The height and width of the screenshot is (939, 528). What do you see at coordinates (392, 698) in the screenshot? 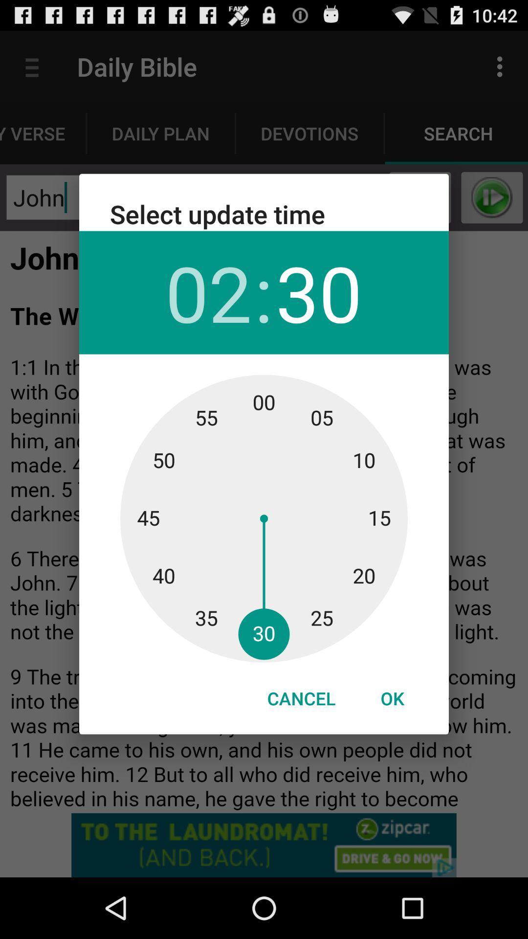
I see `ok` at bounding box center [392, 698].